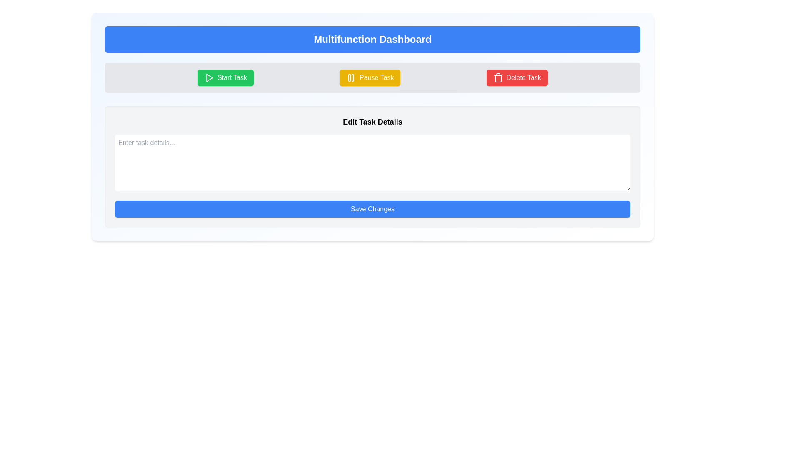  What do you see at coordinates (210, 77) in the screenshot?
I see `the triangular play icon located within the 'Start Task' button, which has a green background and is situated in the upper center section of the page` at bounding box center [210, 77].